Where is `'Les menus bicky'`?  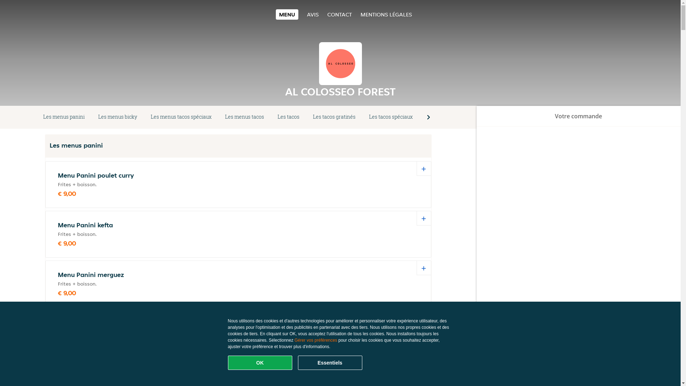
'Les menus bicky' is located at coordinates (118, 117).